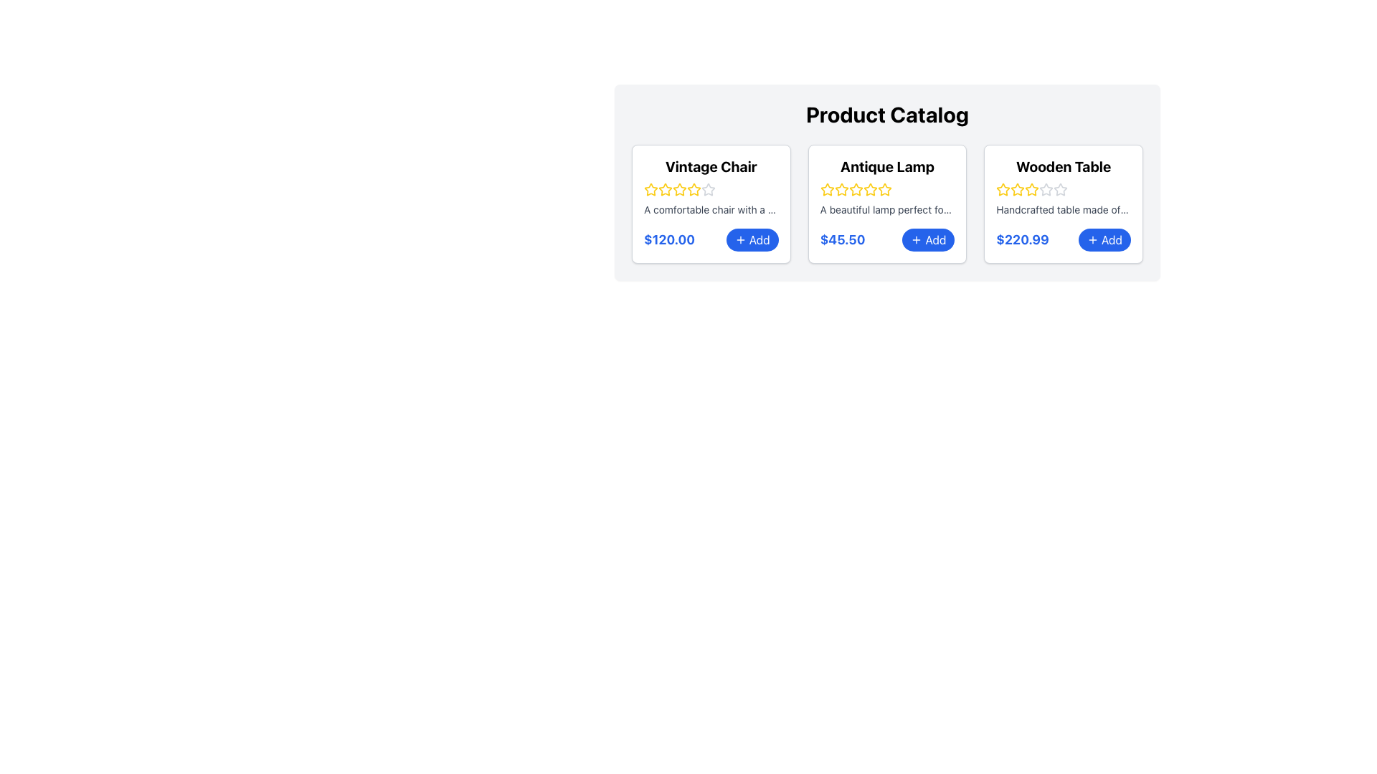 The width and height of the screenshot is (1377, 774). What do you see at coordinates (1031, 189) in the screenshot?
I see `the style of the fourth star icon in the star rating system under the 'Wooden Table' card in the 'Product Catalog'` at bounding box center [1031, 189].